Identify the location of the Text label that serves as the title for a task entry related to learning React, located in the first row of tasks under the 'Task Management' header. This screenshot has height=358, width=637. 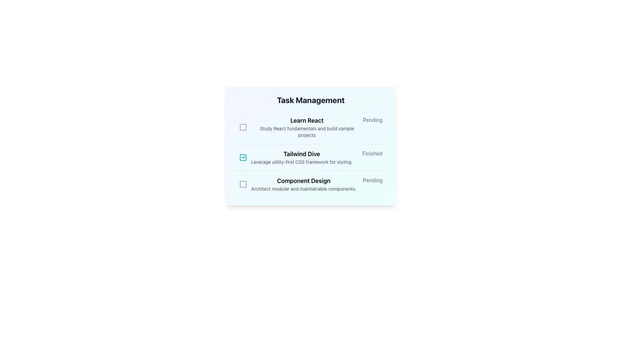
(307, 120).